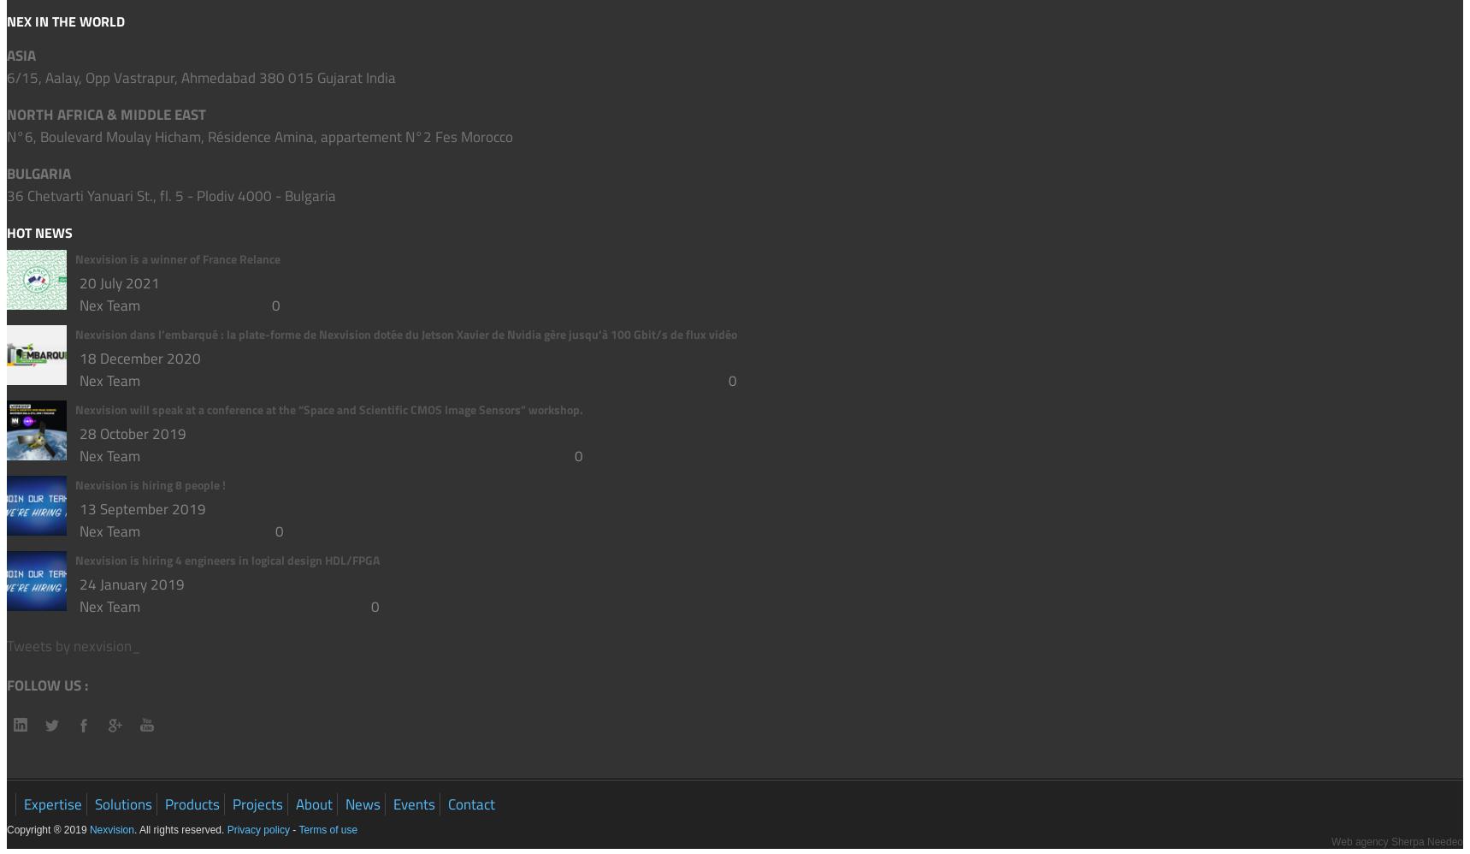  Describe the element at coordinates (150, 483) in the screenshot. I see `'Nexvision is hiring 8 people !'` at that location.